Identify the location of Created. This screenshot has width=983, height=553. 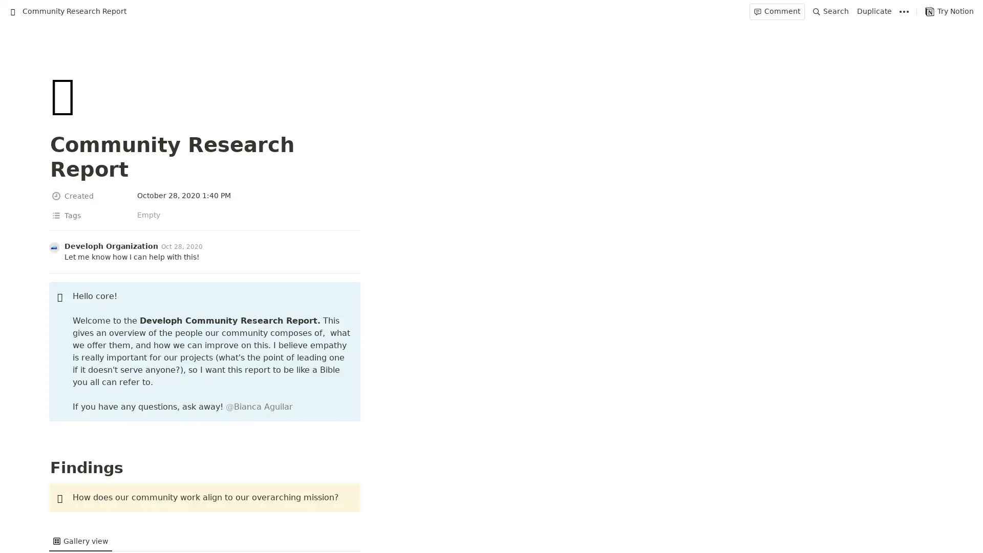
(90, 171).